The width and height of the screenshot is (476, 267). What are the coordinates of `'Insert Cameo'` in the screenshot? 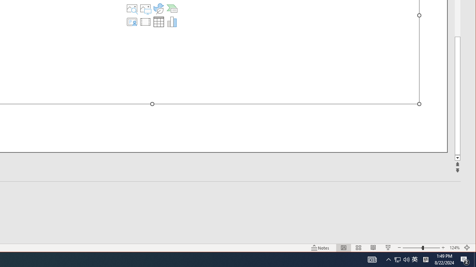 It's located at (132, 22).